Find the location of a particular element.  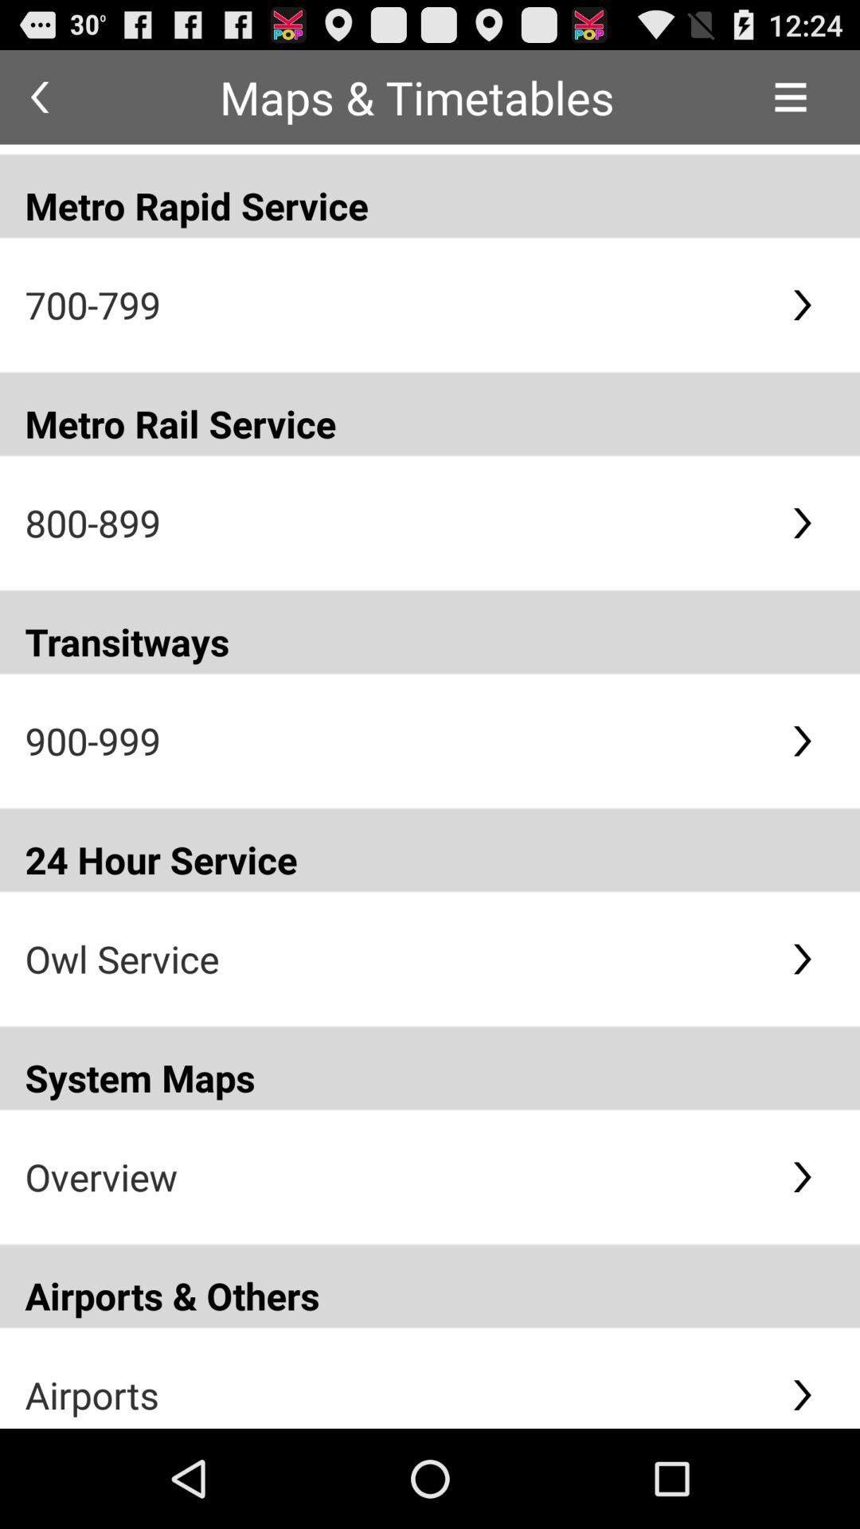

the app above 24 hour service is located at coordinates (394, 740).